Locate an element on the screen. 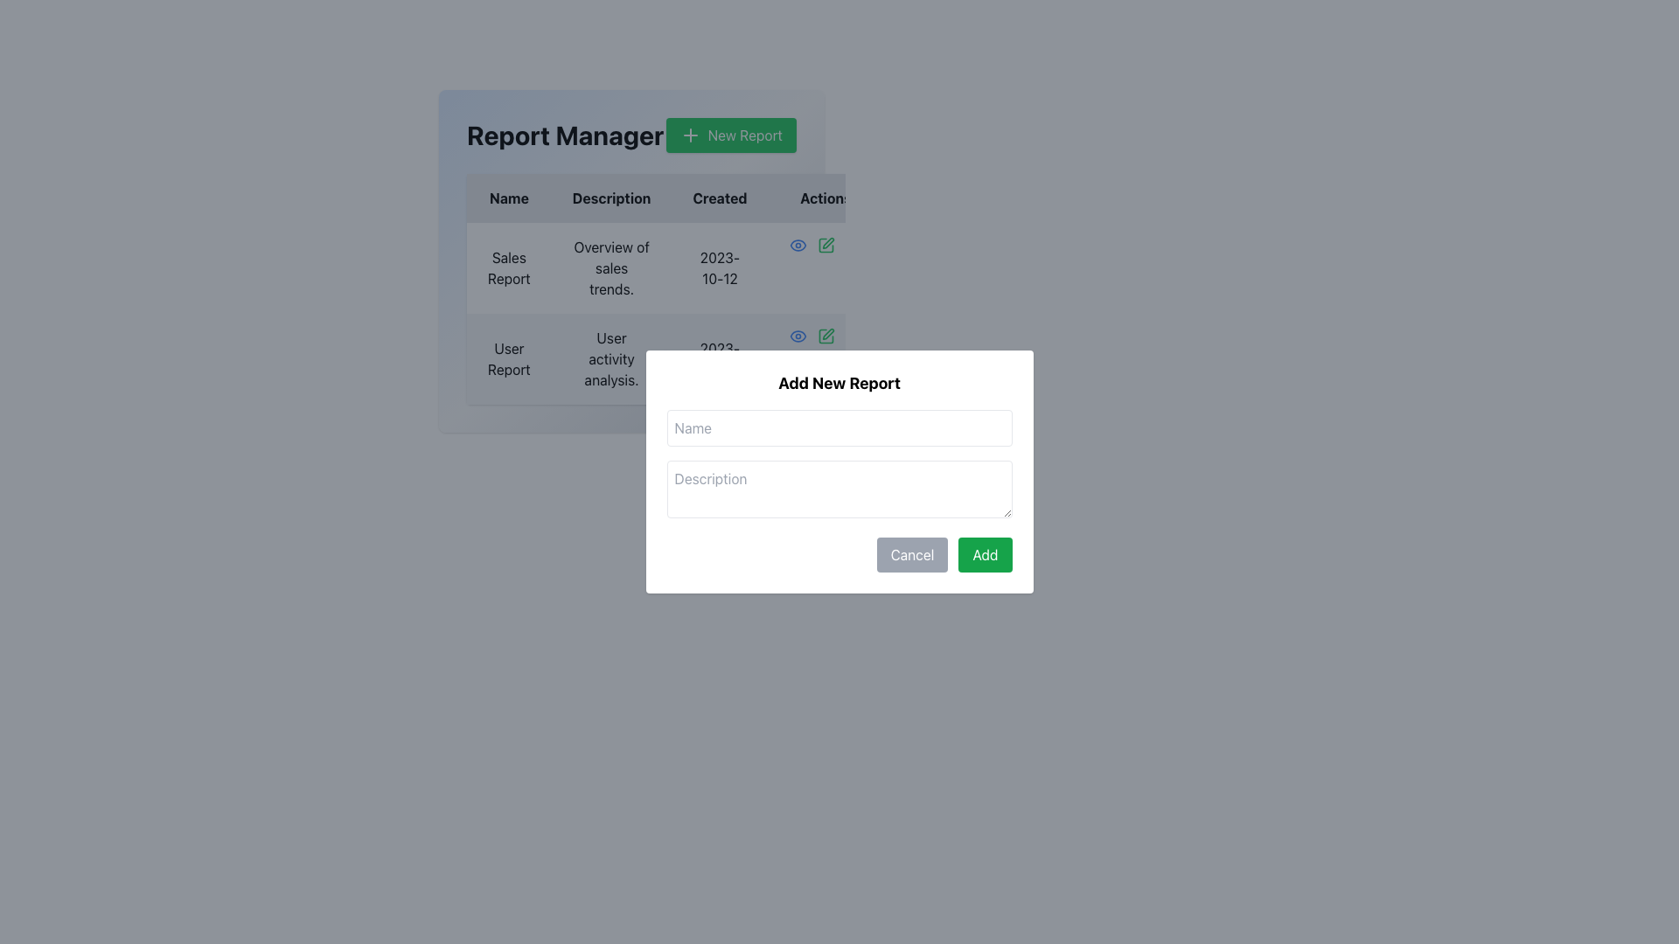 Image resolution: width=1679 pixels, height=944 pixels. the 'Add' button located at the bottom right of the modal dialog to observe the hover effects is located at coordinates (986, 555).